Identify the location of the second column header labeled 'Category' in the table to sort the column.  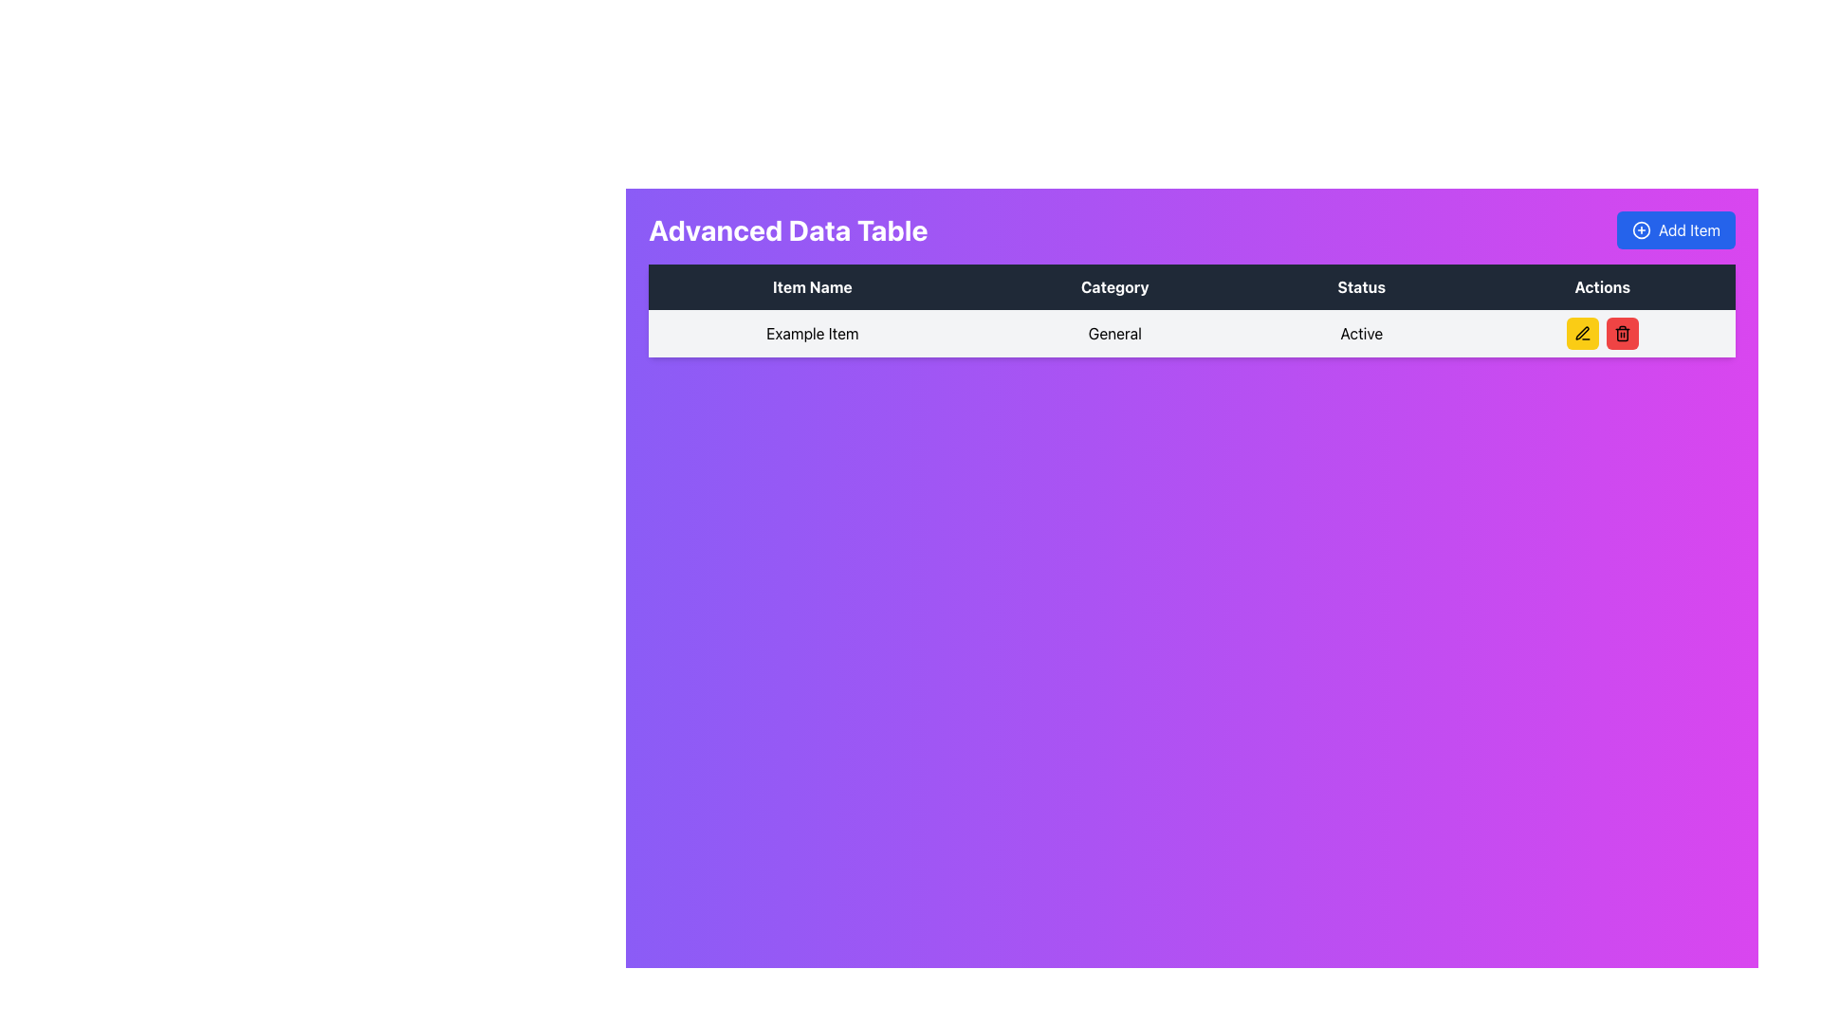
(1114, 287).